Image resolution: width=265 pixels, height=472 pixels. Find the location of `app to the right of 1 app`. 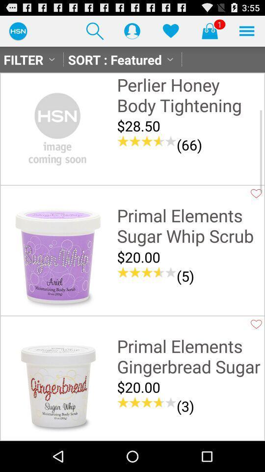

app to the right of 1 app is located at coordinates (246, 30).